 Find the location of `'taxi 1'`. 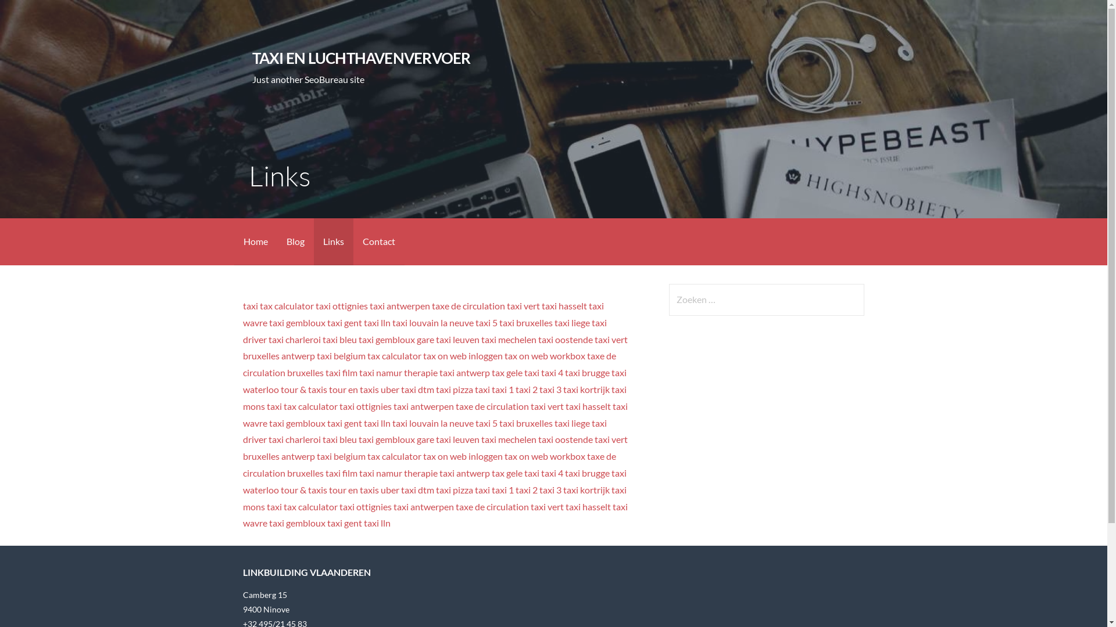

'taxi 1' is located at coordinates (502, 389).